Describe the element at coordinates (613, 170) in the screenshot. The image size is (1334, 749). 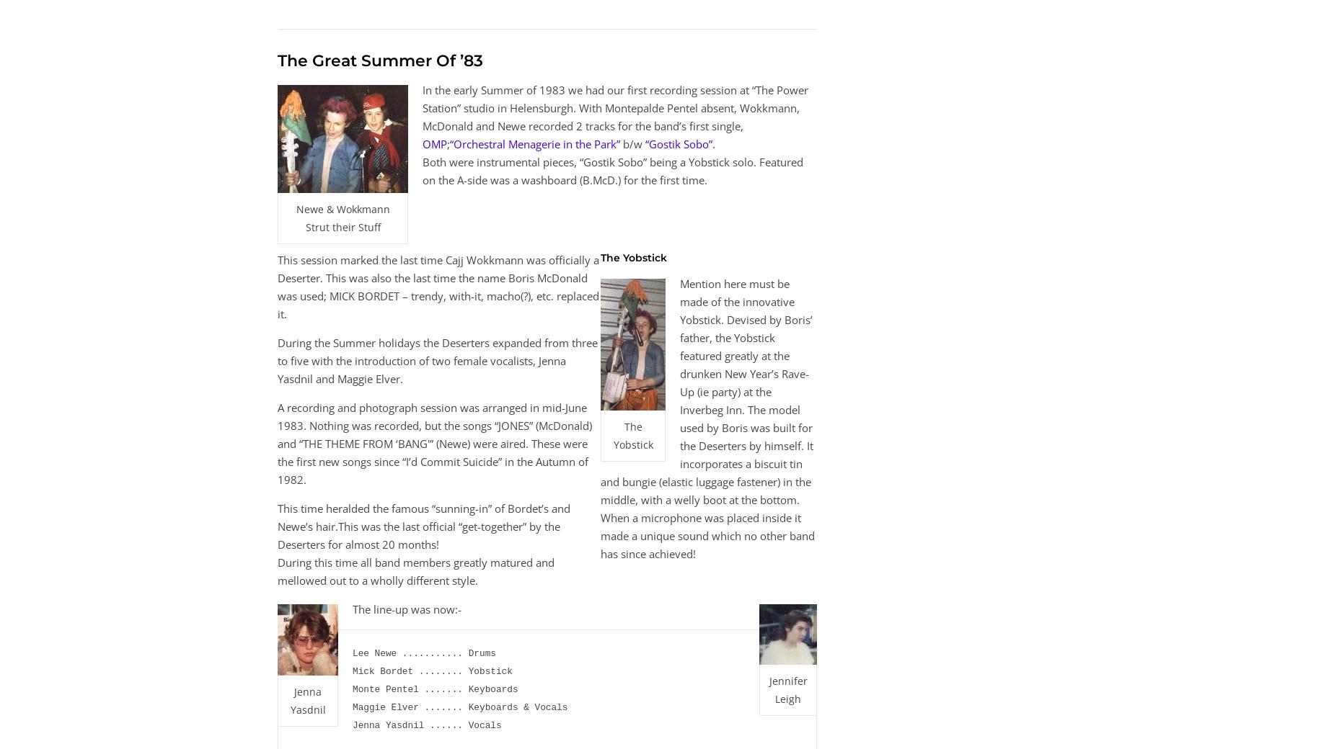
I see `'Both were instrumental pieces, “Gostik Sobo” being a Yobstick solo. Featured on the A-side was a washboard (B.McD.) for the first time.'` at that location.